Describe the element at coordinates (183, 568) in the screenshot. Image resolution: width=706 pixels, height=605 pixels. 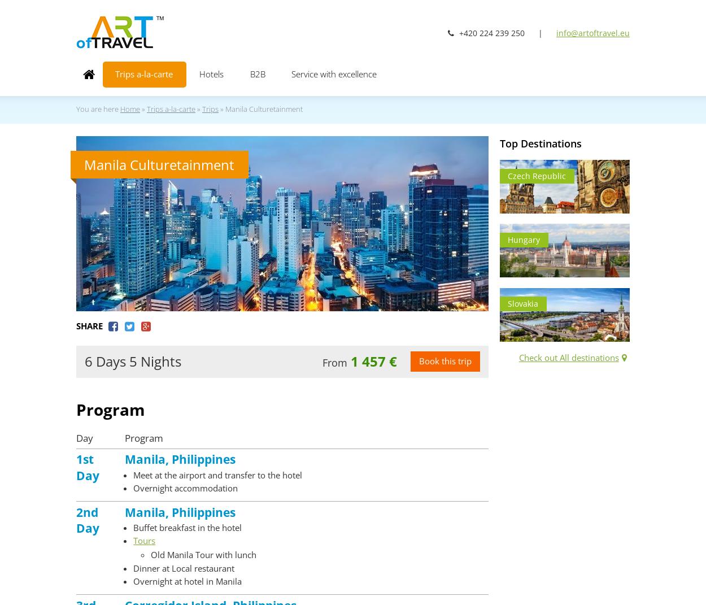
I see `'Dinner at Local restaurant'` at that location.